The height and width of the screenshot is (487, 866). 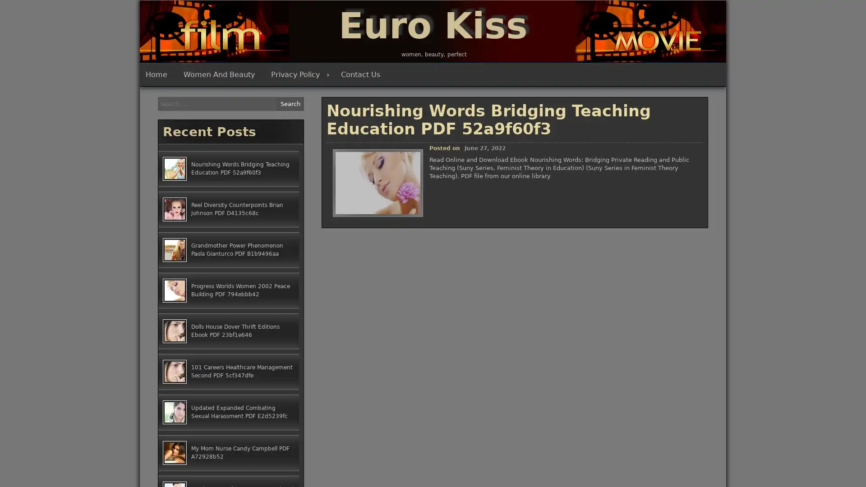 What do you see at coordinates (290, 103) in the screenshot?
I see `Search` at bounding box center [290, 103].